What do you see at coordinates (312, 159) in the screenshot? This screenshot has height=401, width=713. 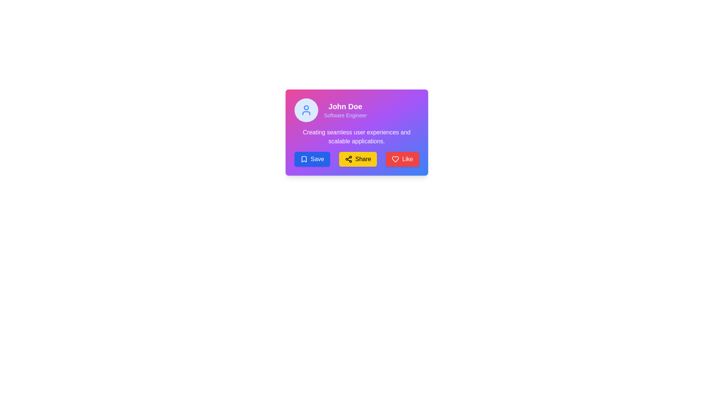 I see `the leftmost button in the horizontal group of three buttons at the bottom of the card interface` at bounding box center [312, 159].